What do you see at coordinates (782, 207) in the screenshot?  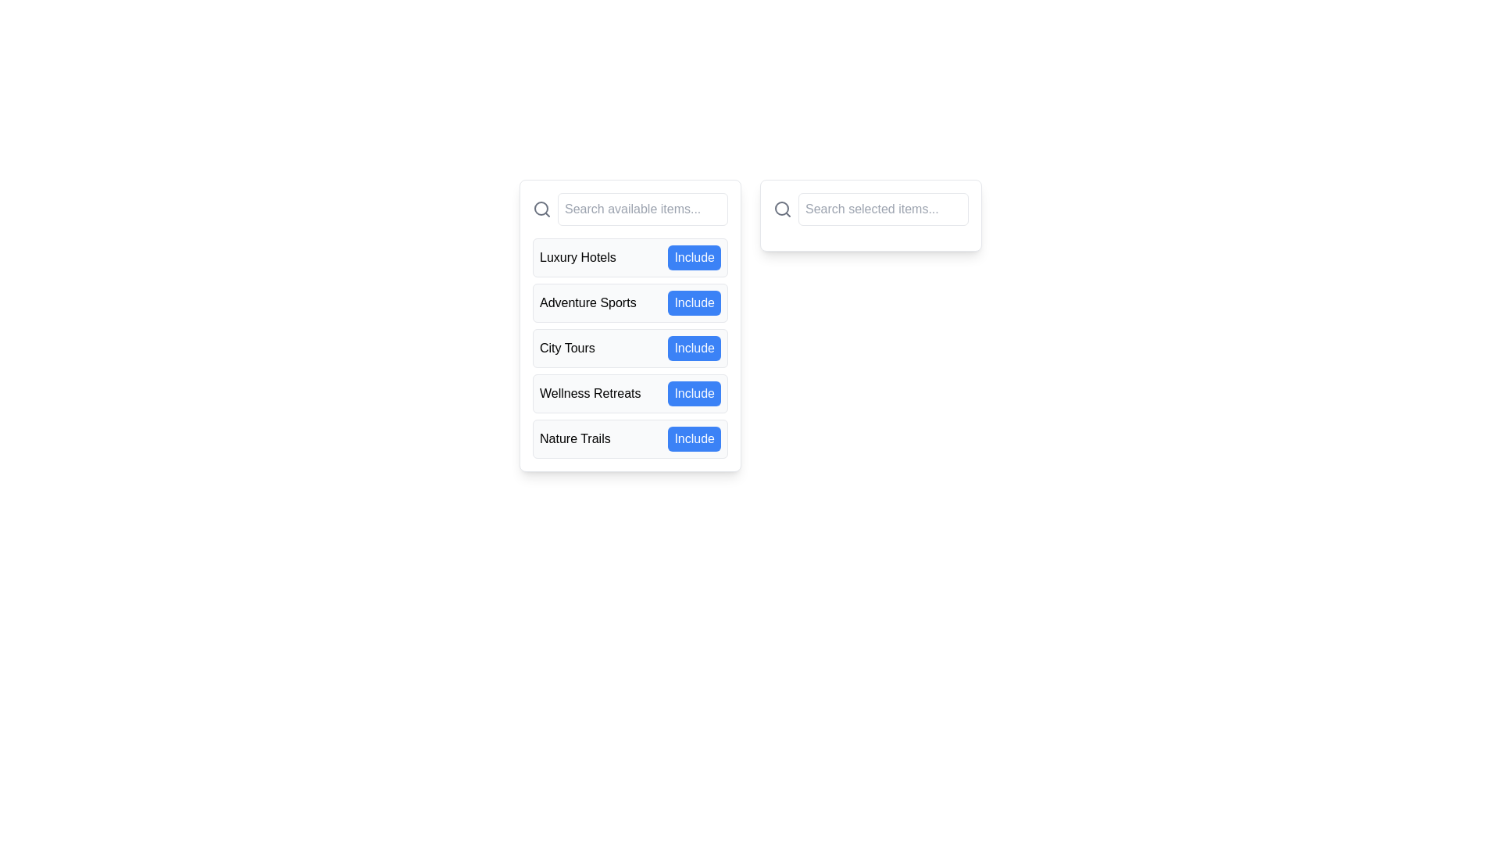 I see `the circular shape within the gray magnifying glass icon located in the upper-left corner of the search bar area` at bounding box center [782, 207].